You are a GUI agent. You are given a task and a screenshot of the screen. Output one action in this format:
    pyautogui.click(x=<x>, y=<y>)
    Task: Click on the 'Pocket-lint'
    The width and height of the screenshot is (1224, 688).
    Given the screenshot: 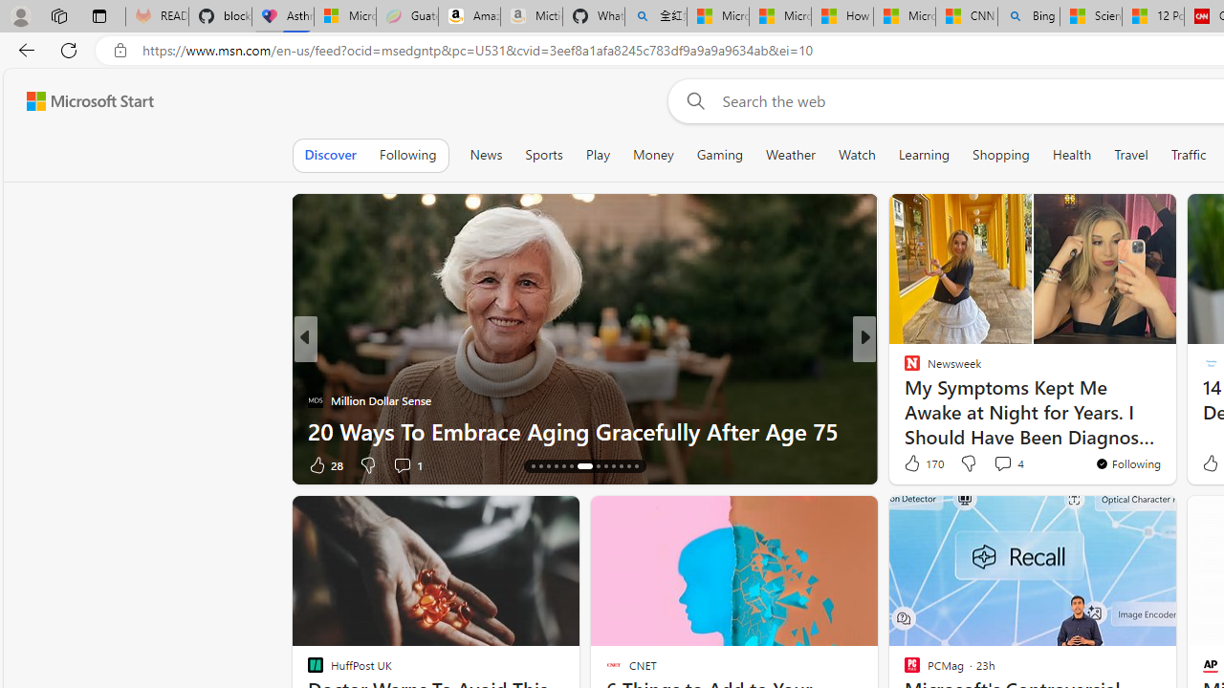 What is the action you would take?
    pyautogui.click(x=903, y=399)
    